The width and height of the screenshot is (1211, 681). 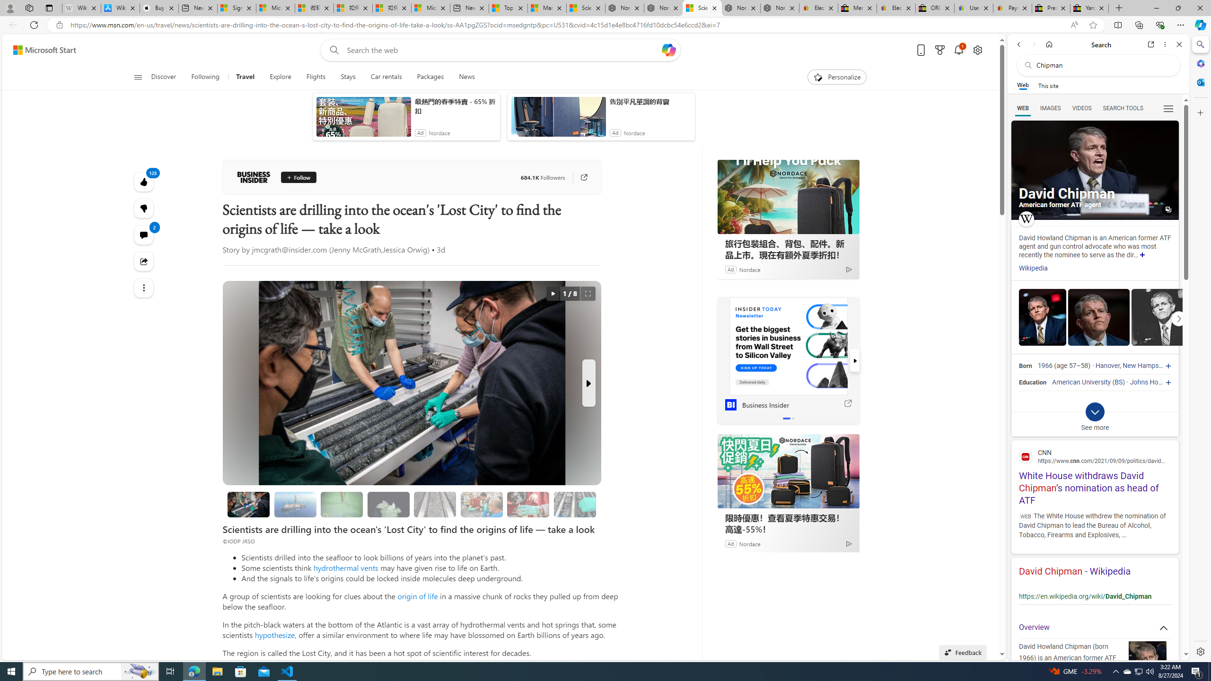 What do you see at coordinates (348, 77) in the screenshot?
I see `'Stays'` at bounding box center [348, 77].